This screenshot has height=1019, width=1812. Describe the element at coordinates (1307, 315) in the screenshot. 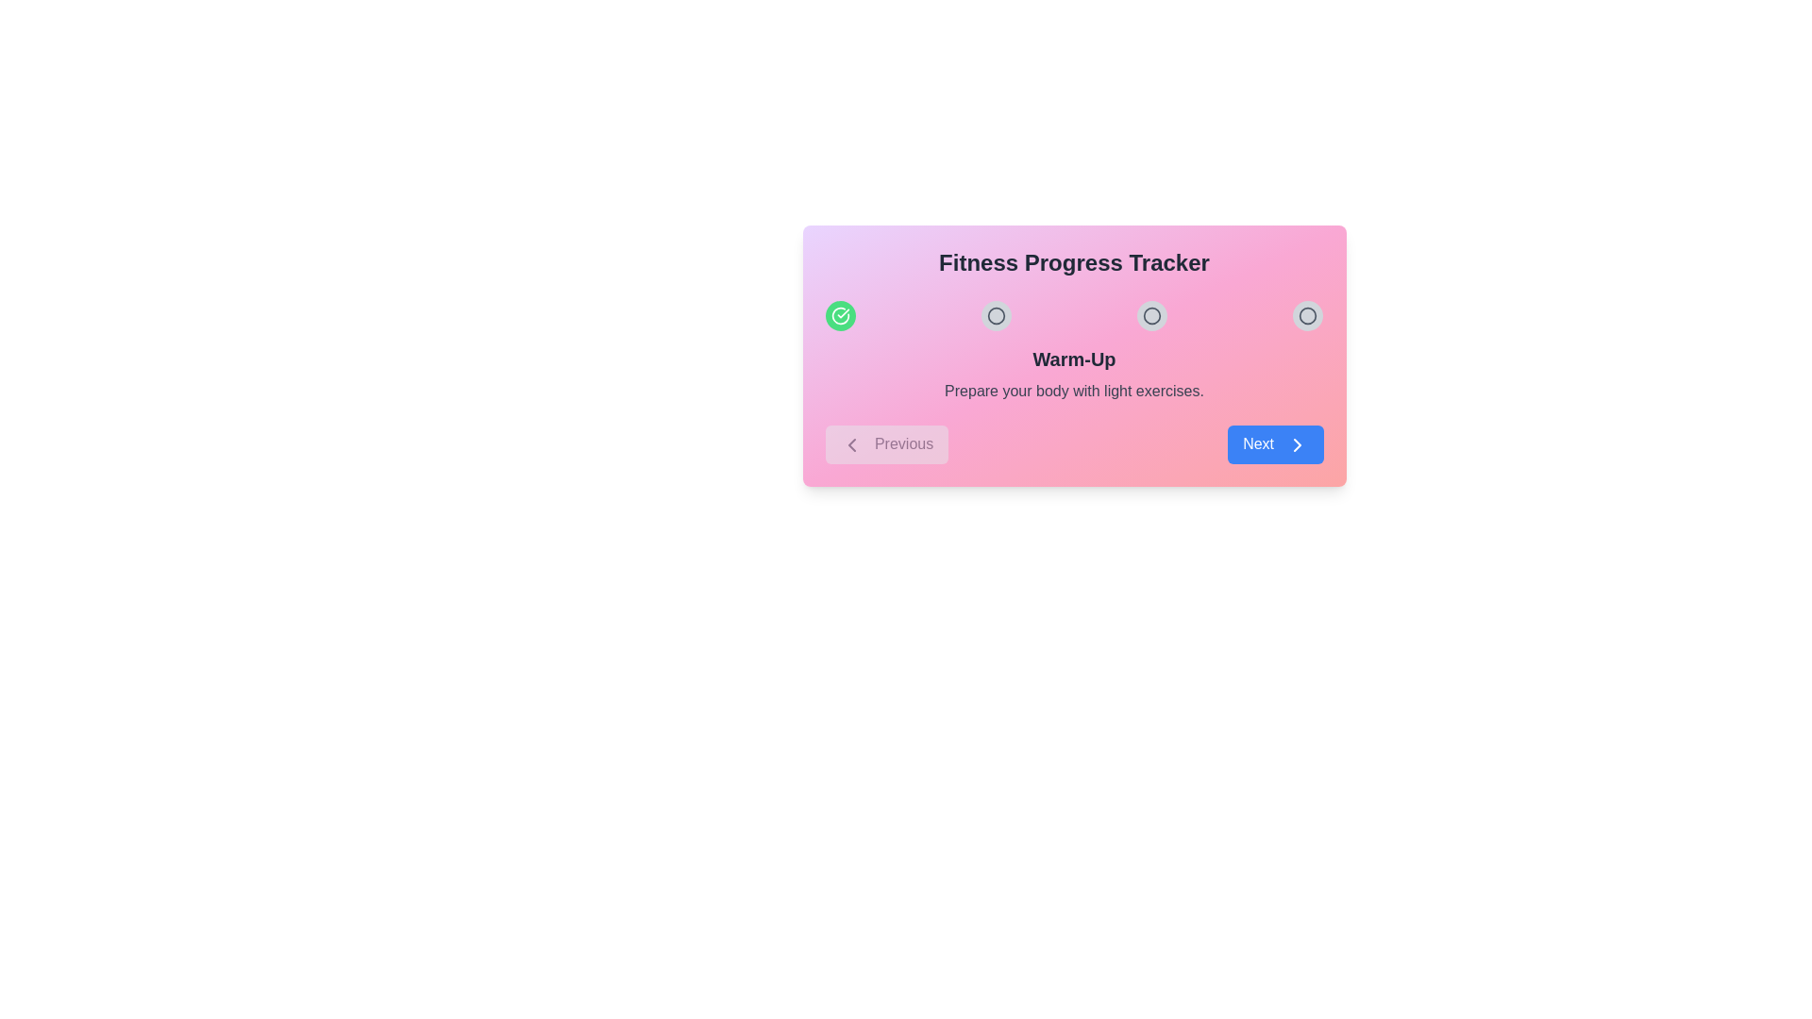

I see `the circular icon located at the top-right corner of the card interface, which has a stroke width of '2' and a neutral color` at that location.